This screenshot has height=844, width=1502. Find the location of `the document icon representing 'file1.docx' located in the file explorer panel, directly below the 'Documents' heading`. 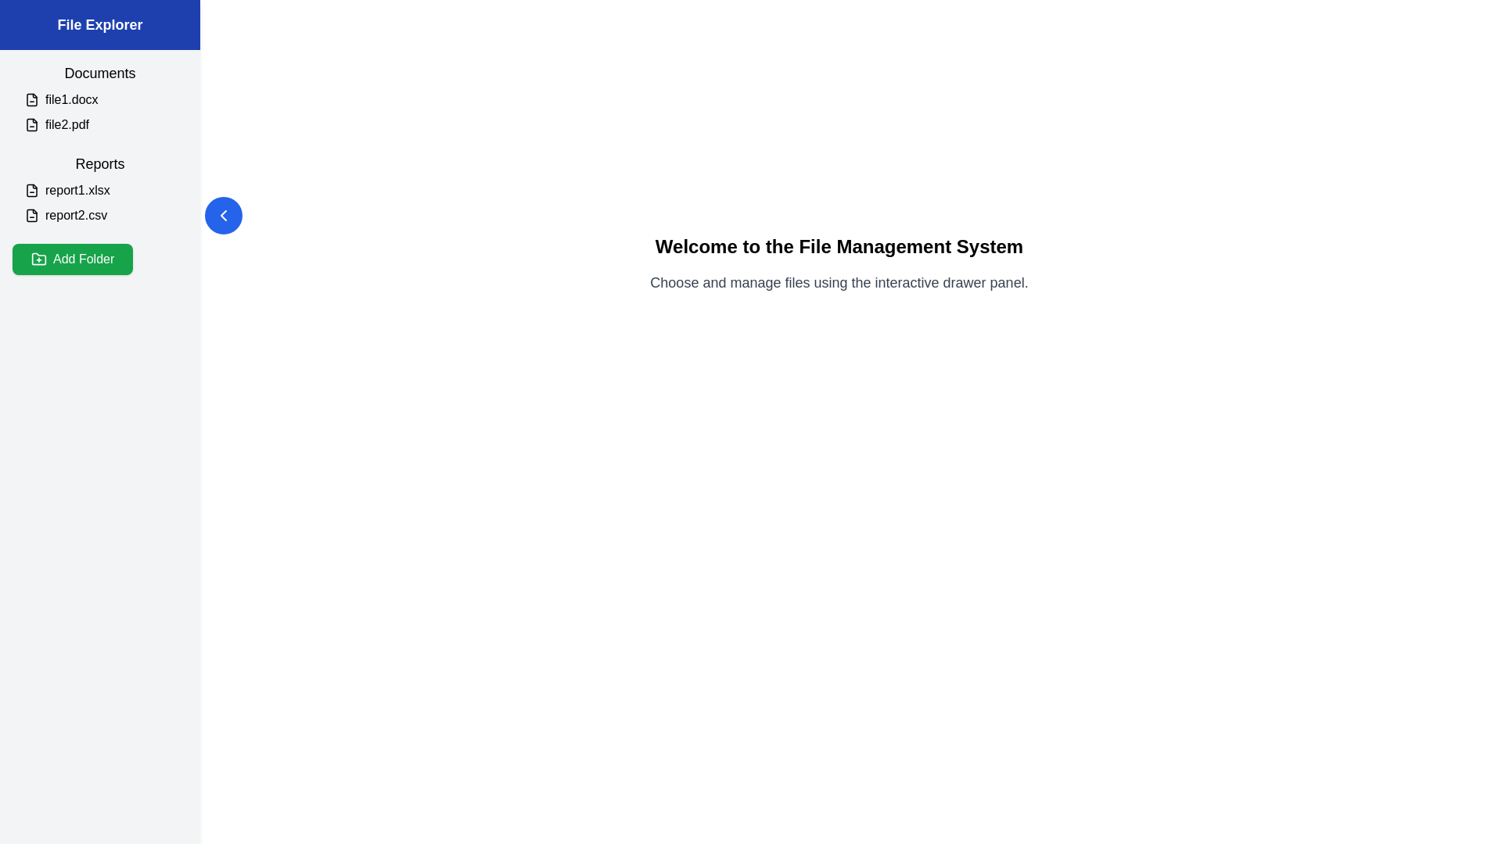

the document icon representing 'file1.docx' located in the file explorer panel, directly below the 'Documents' heading is located at coordinates (32, 99).